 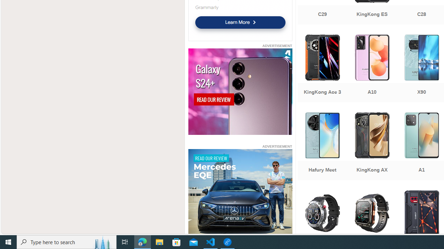 What do you see at coordinates (322, 147) in the screenshot?
I see `'Hafury Meet'` at bounding box center [322, 147].